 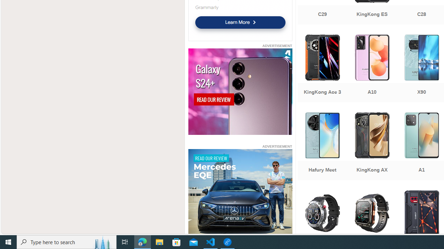 What do you see at coordinates (322, 147) in the screenshot?
I see `'Hafury Meet'` at bounding box center [322, 147].